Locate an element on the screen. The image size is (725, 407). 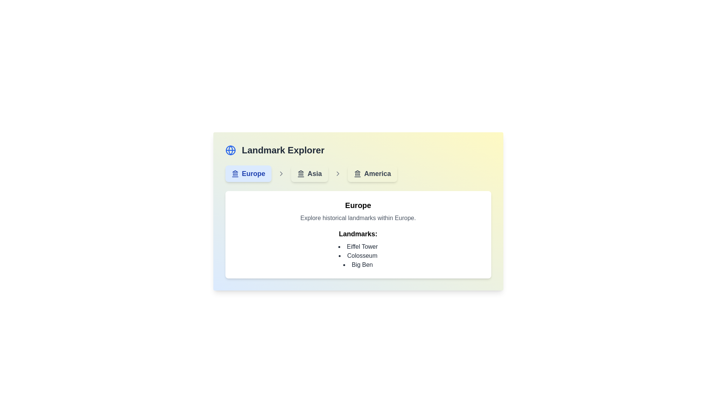
the third right-pointing chevron icon, which indicates progression and is positioned between the 'Asia' button and the 'America' button is located at coordinates (337, 174).